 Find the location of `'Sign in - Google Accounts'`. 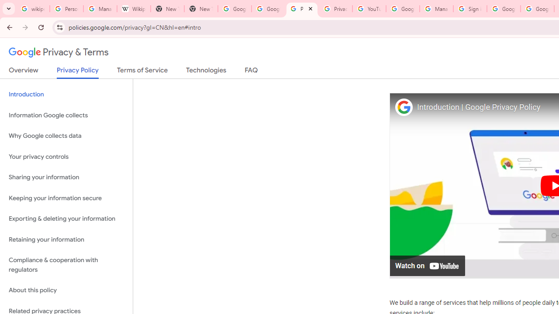

'Sign in - Google Accounts' is located at coordinates (469, 9).